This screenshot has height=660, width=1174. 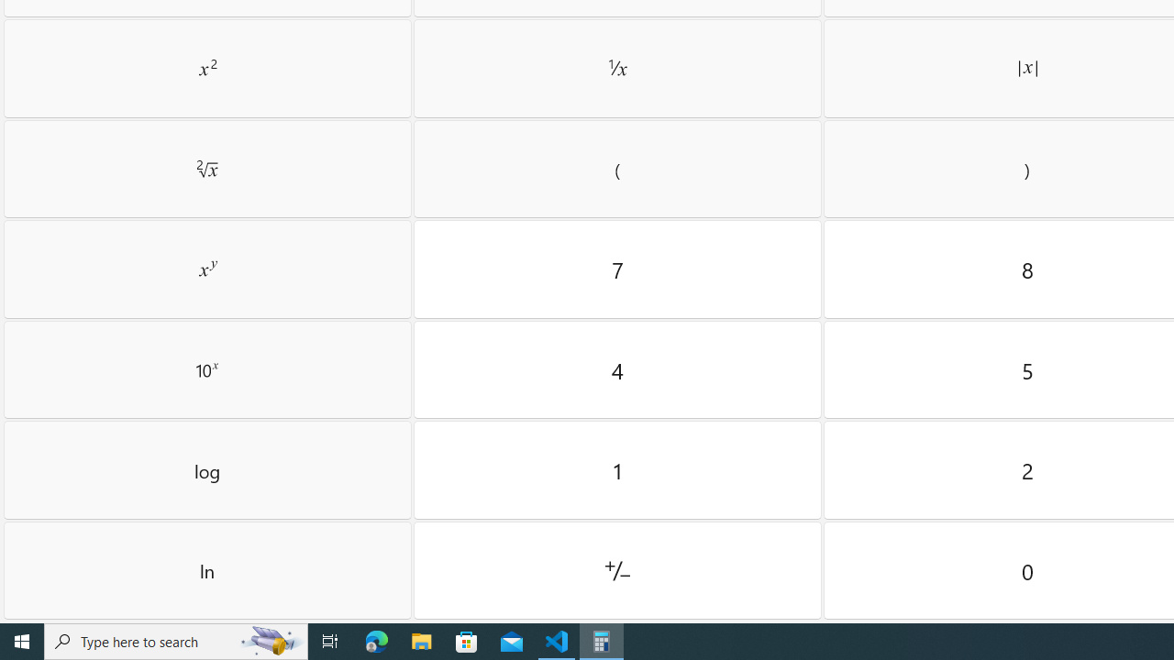 I want to click on 'Left parenthesis', so click(x=617, y=169).